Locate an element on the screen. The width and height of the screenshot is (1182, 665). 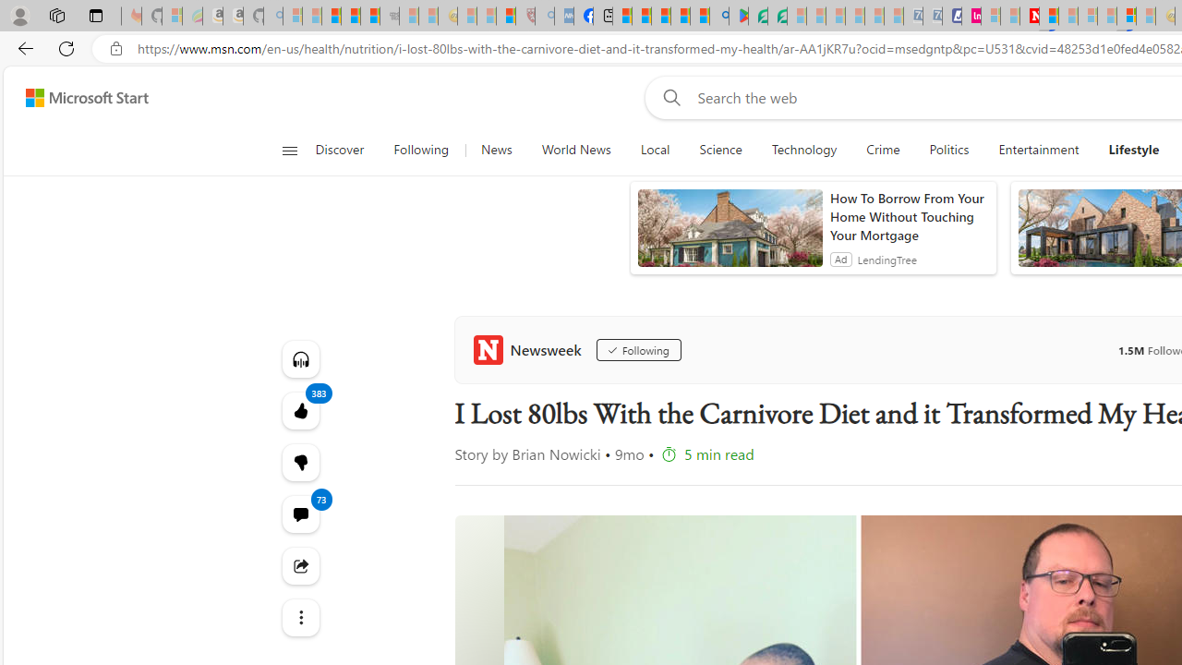
'Web search' is located at coordinates (668, 97).